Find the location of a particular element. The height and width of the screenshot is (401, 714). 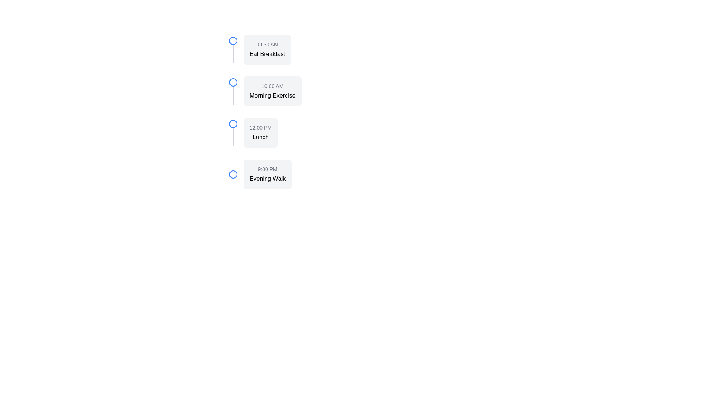

text displayed on the card which shows '09:30 AM' and 'Eat Breakfast' in a light gray and bold black font respectively is located at coordinates (267, 50).